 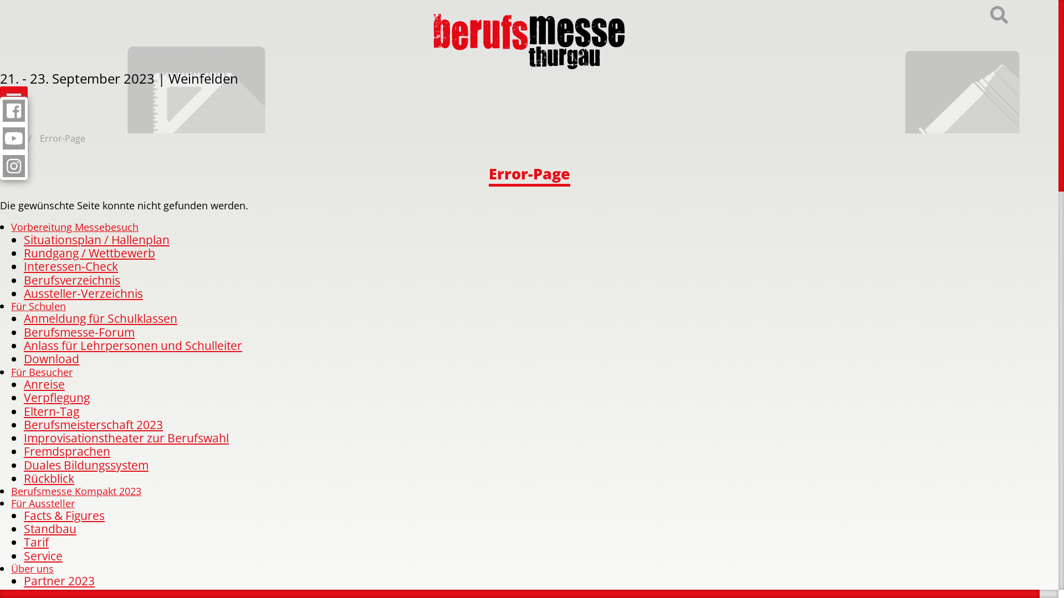 What do you see at coordinates (58, 580) in the screenshot?
I see `'Partner 2023'` at bounding box center [58, 580].